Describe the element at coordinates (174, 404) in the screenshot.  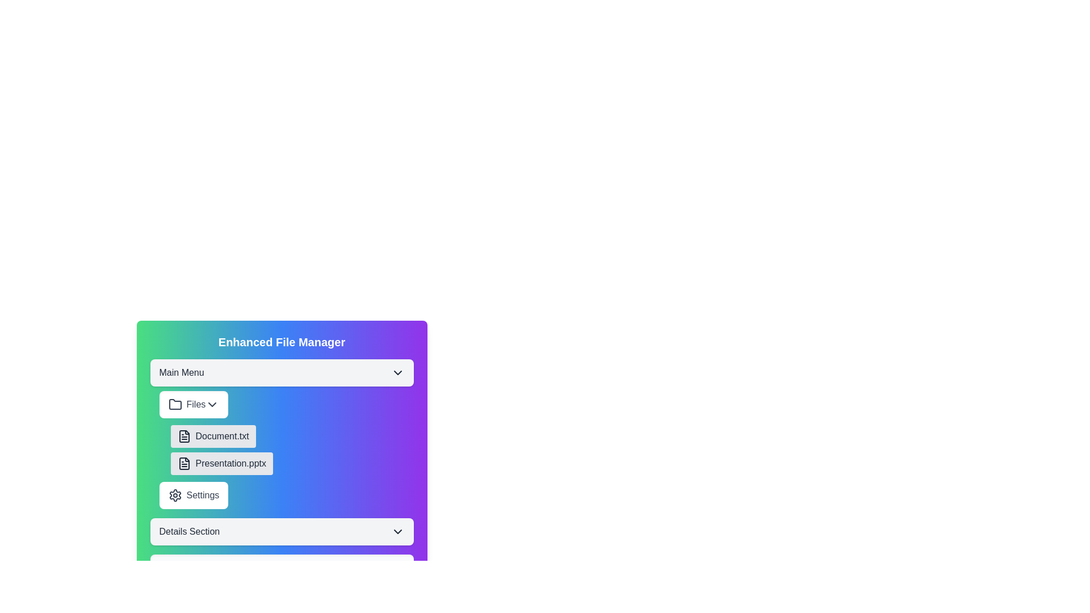
I see `the 'Files' label or its dropdown arrow adjacent to the decorative icon positioned at the left of the text in the horizontally arranged group` at that location.